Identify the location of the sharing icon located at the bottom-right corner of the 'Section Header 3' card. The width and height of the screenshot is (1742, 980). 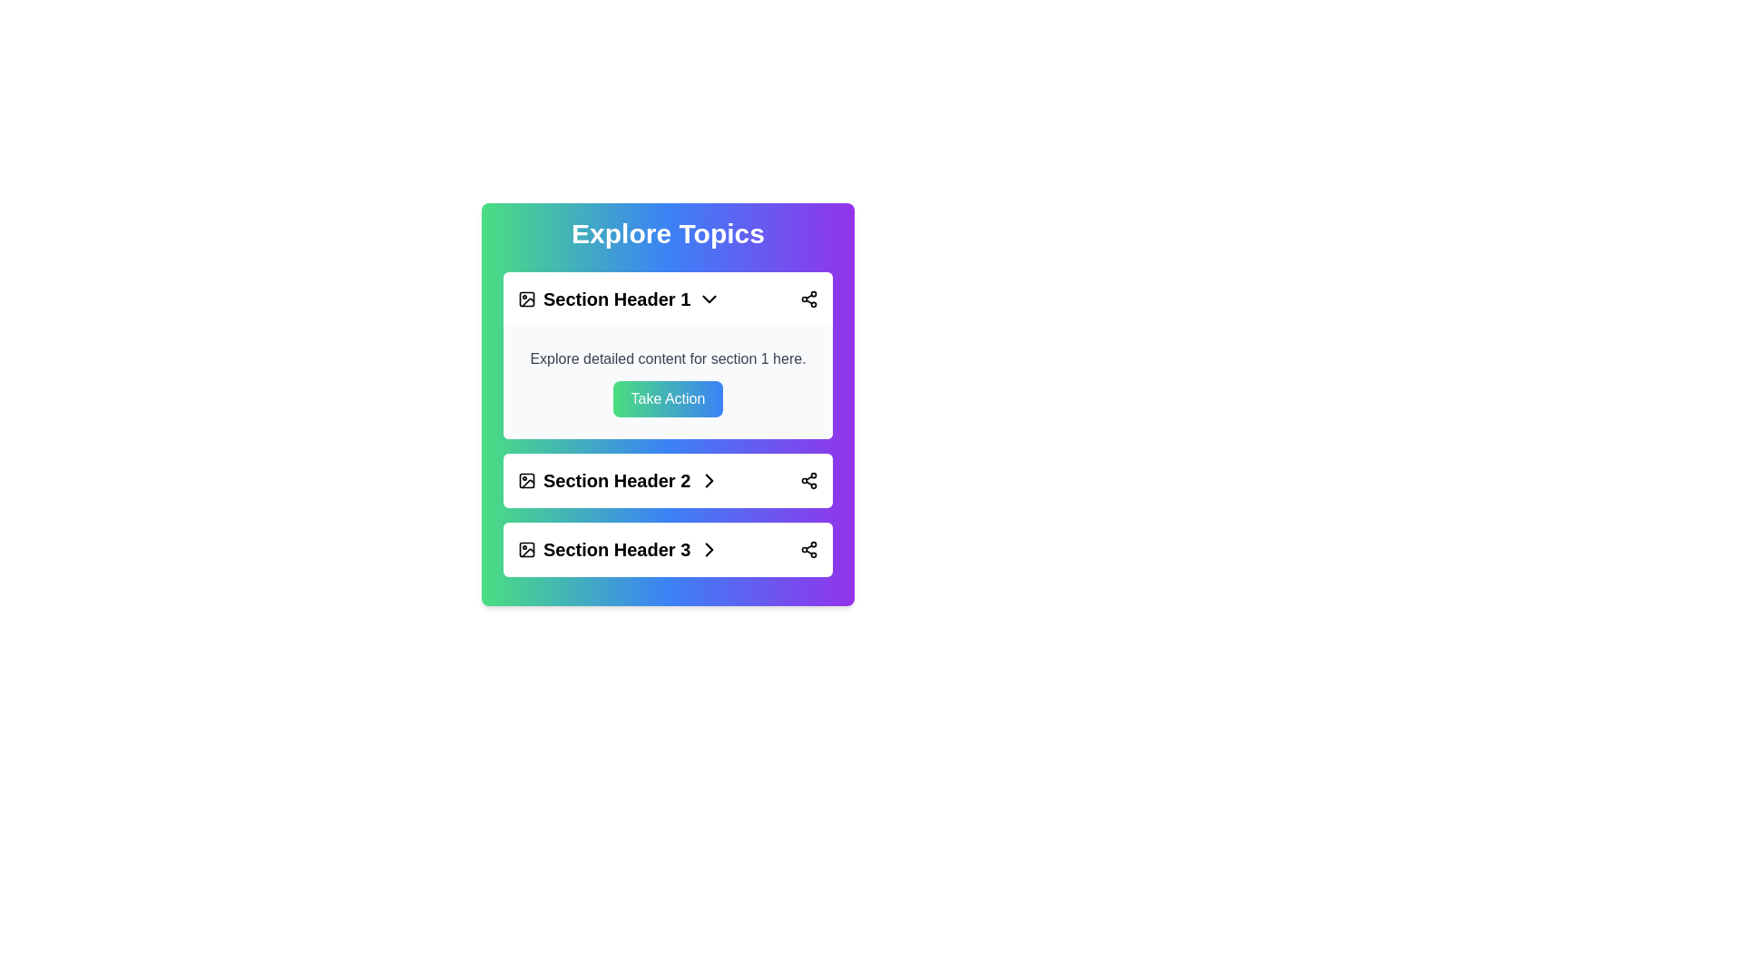
(808, 548).